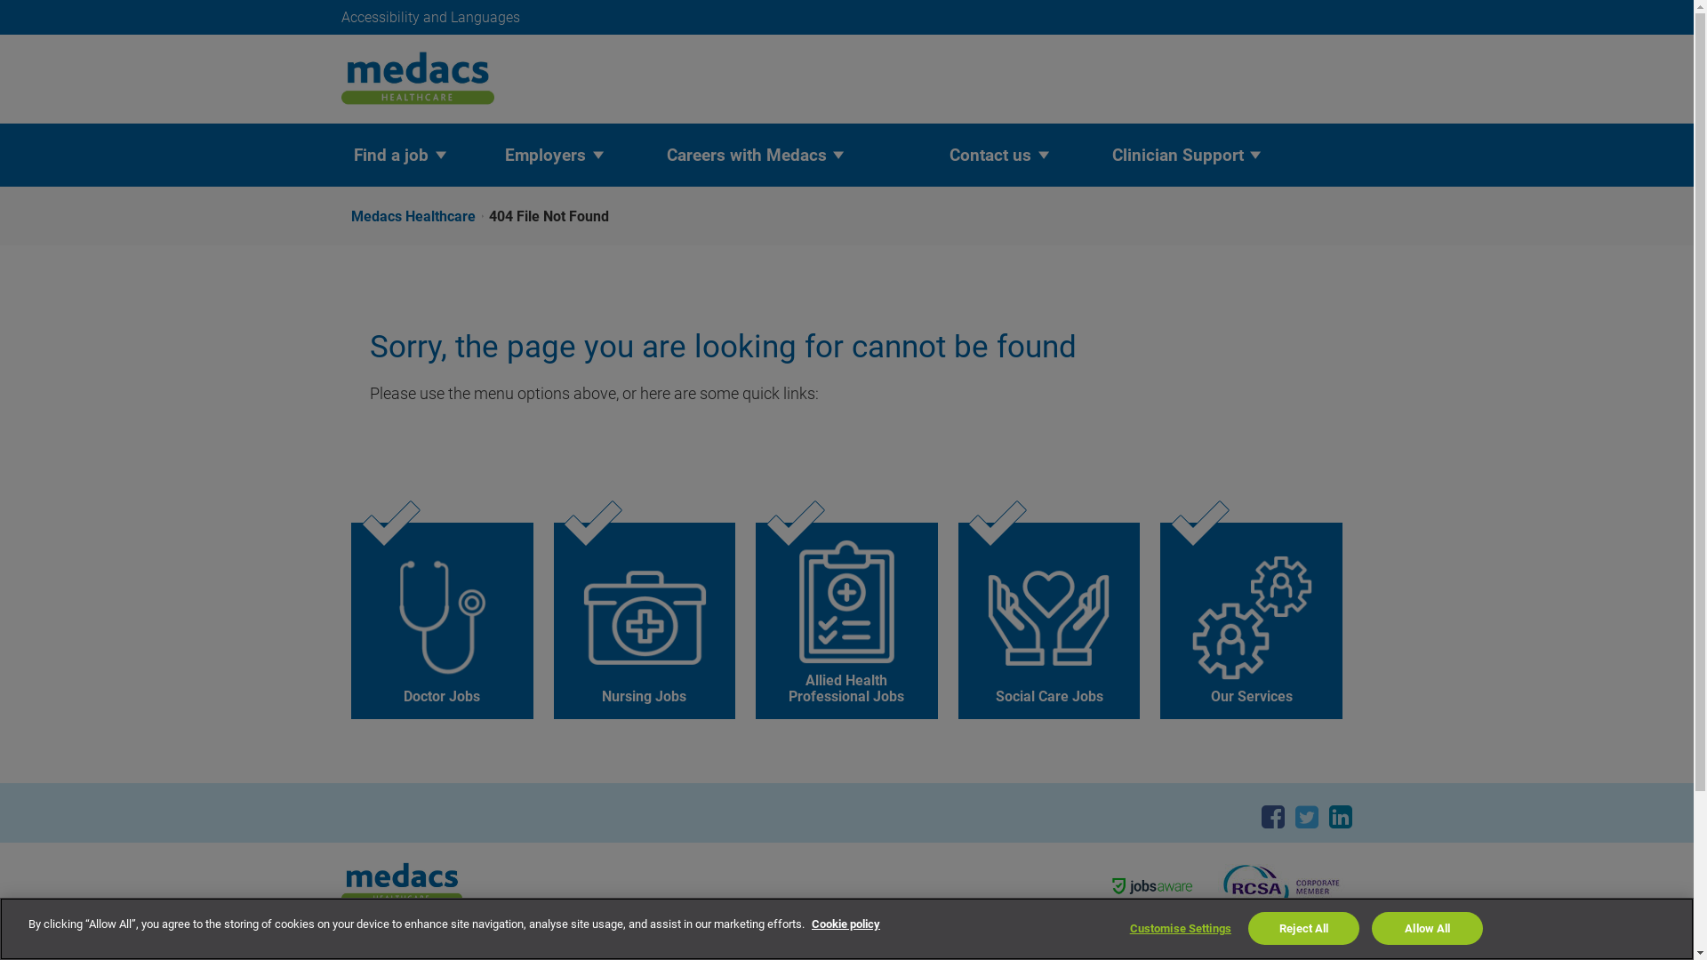 This screenshot has height=960, width=1707. What do you see at coordinates (419, 215) in the screenshot?
I see `'Medacs Healthcare'` at bounding box center [419, 215].